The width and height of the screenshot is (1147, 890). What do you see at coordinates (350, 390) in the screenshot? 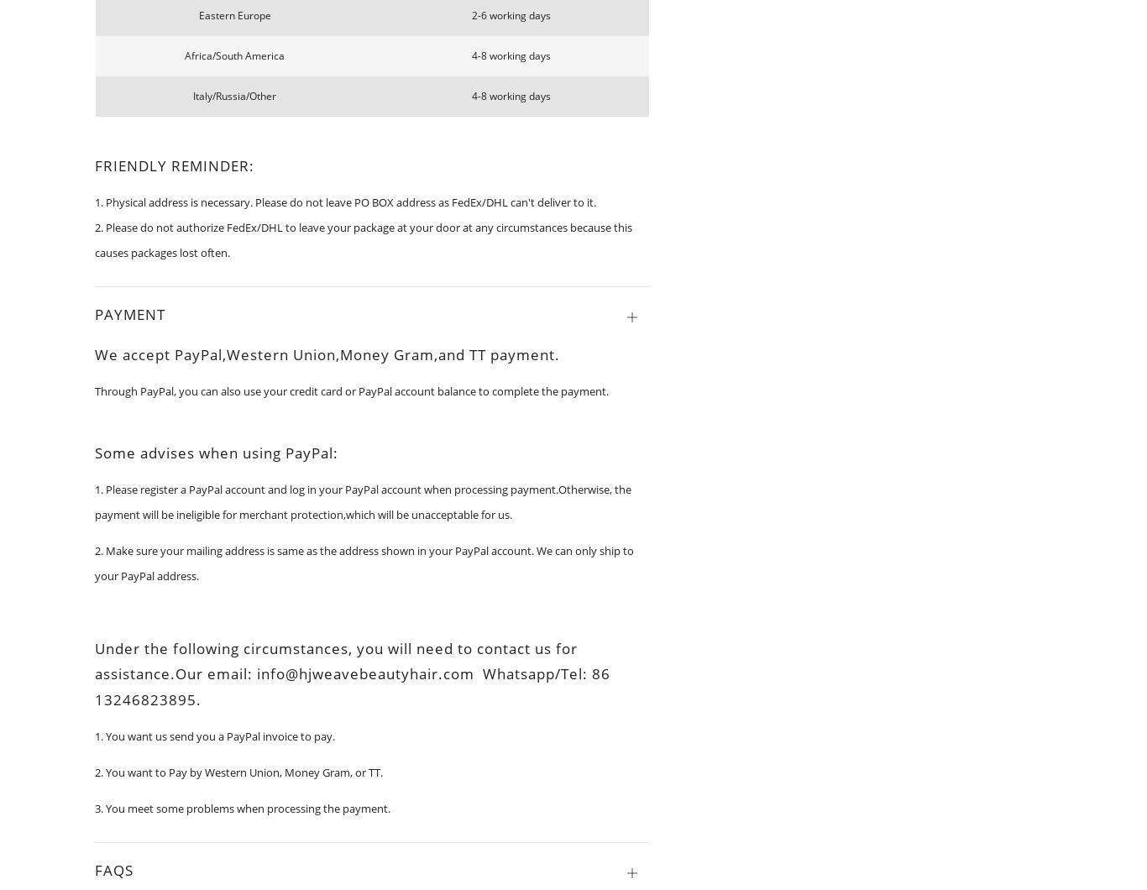
I see `'Through PayPal, you can also use your credit card or PayPal account balance to complete the payment.'` at bounding box center [350, 390].